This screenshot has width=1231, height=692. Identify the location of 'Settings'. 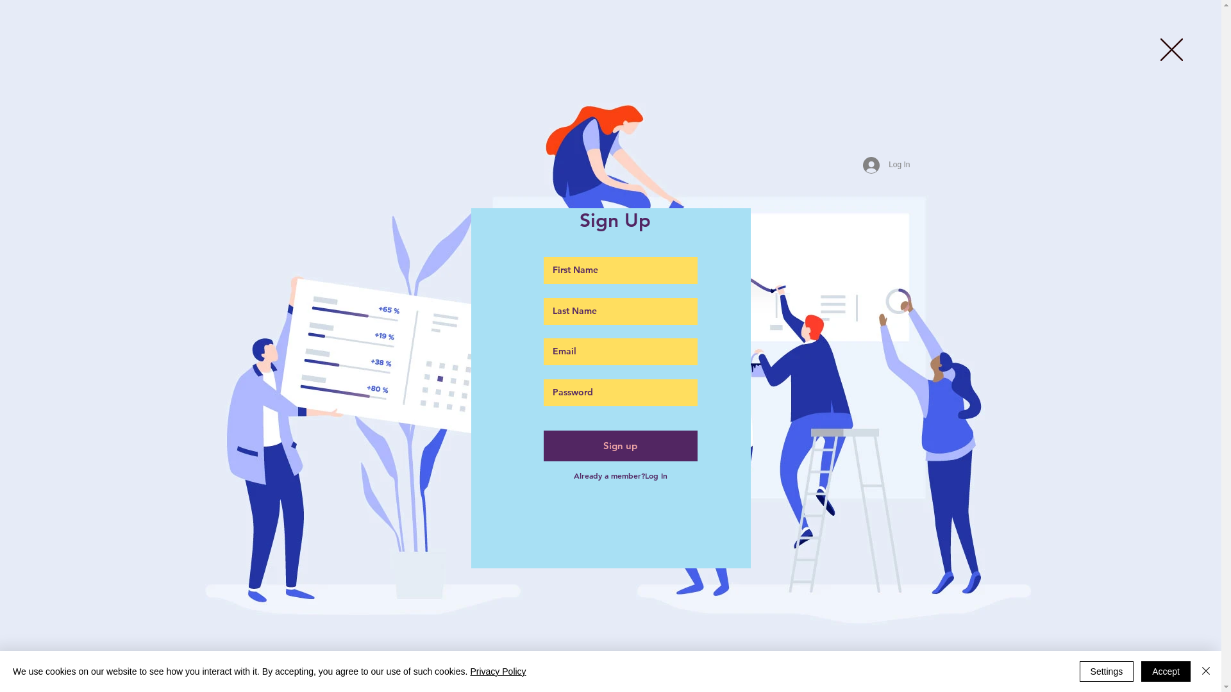
(1106, 671).